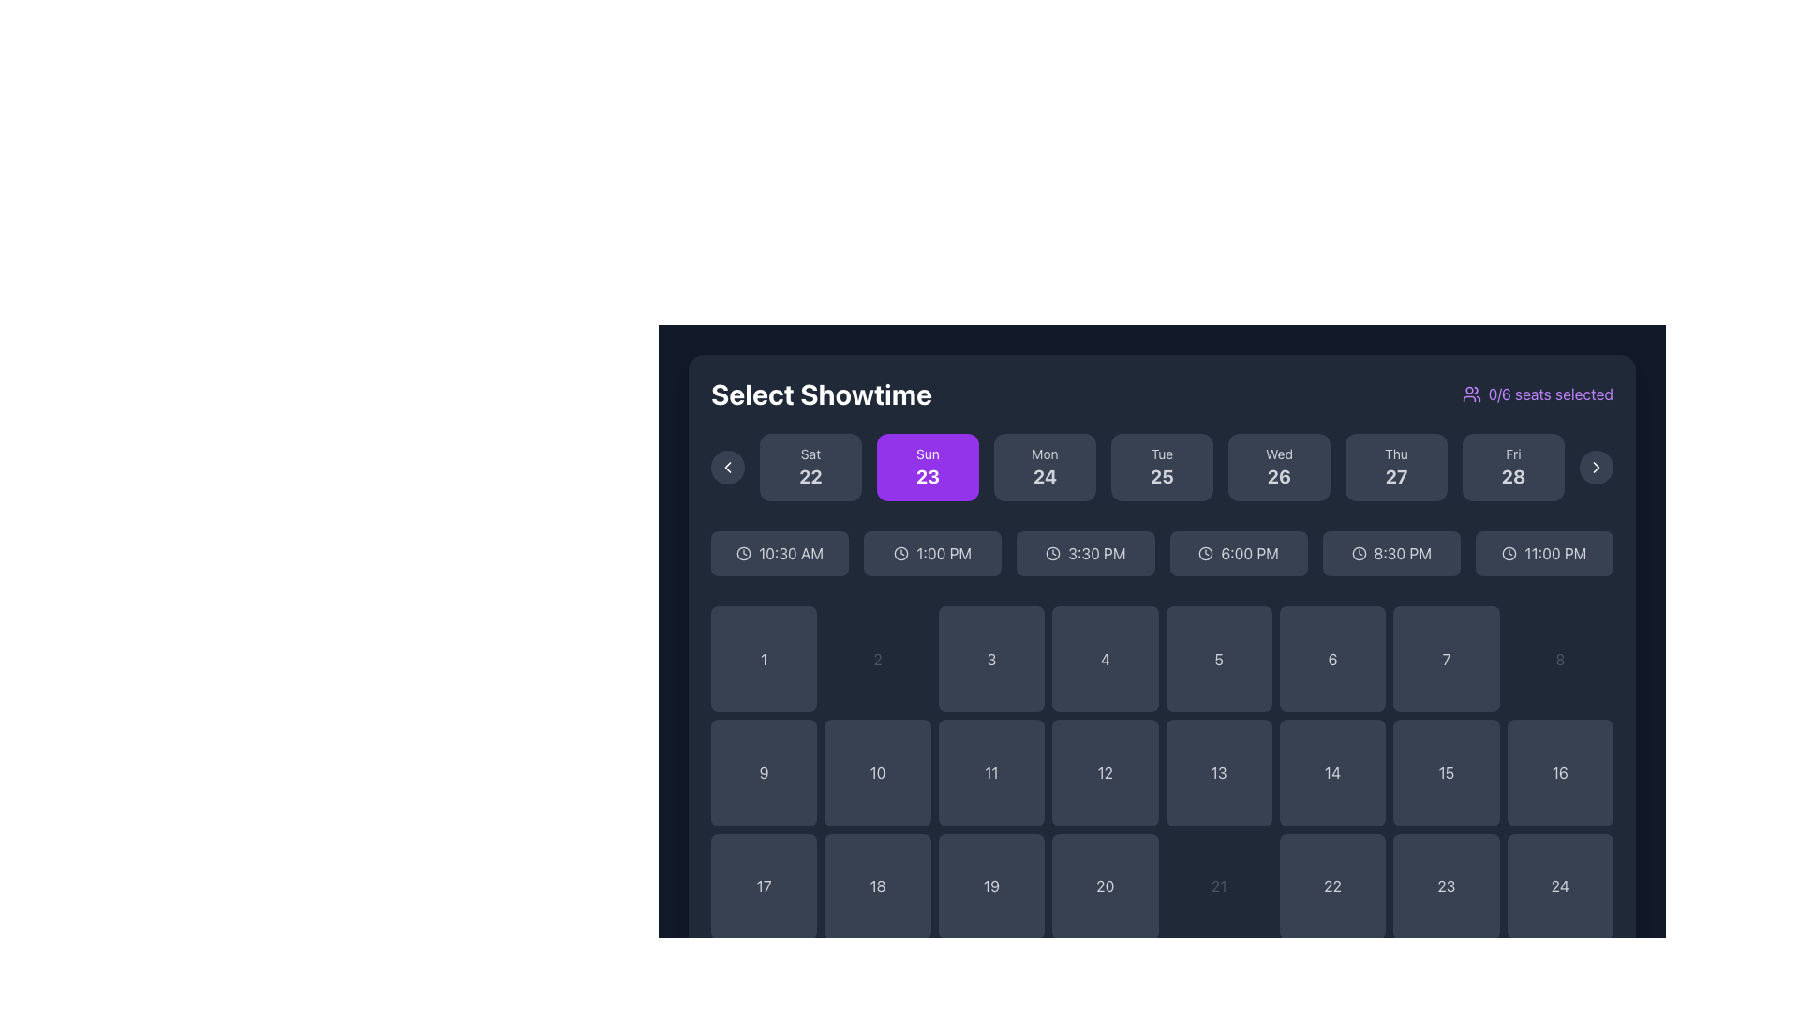  I want to click on the date selector button for Thursday, the 27th, located, so click(1396, 466).